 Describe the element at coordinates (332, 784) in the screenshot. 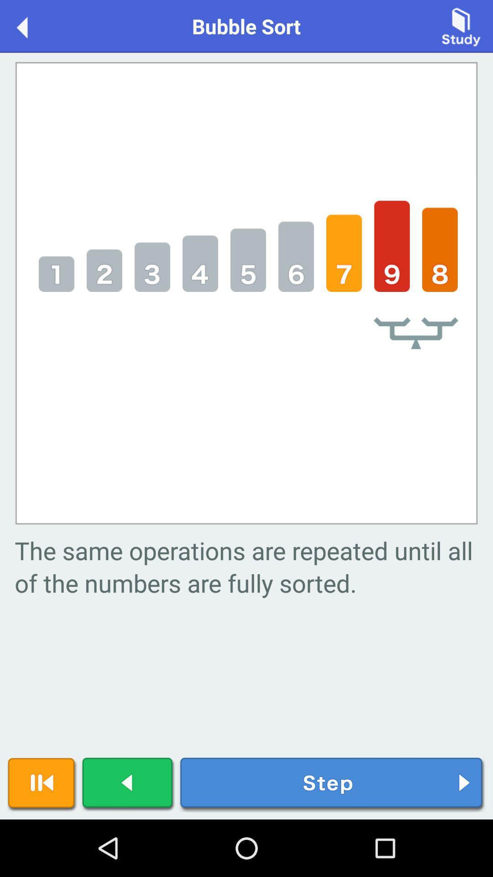

I see `next step` at that location.